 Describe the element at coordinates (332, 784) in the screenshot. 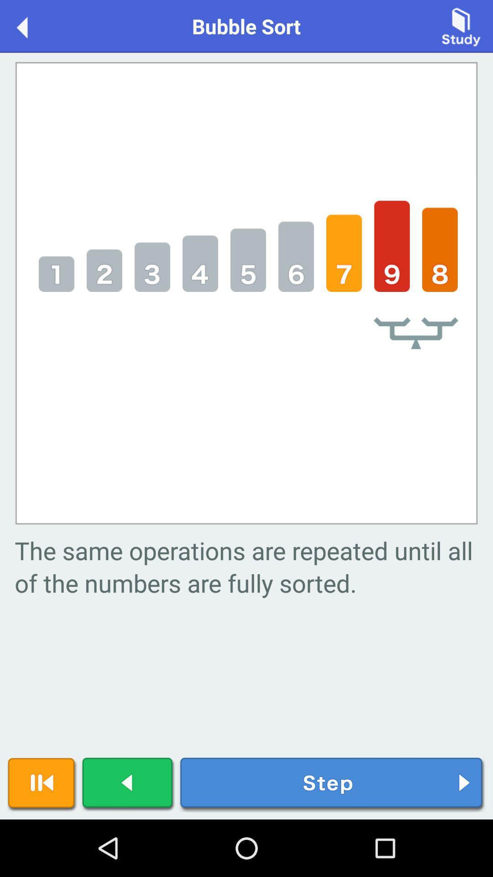

I see `next step` at that location.